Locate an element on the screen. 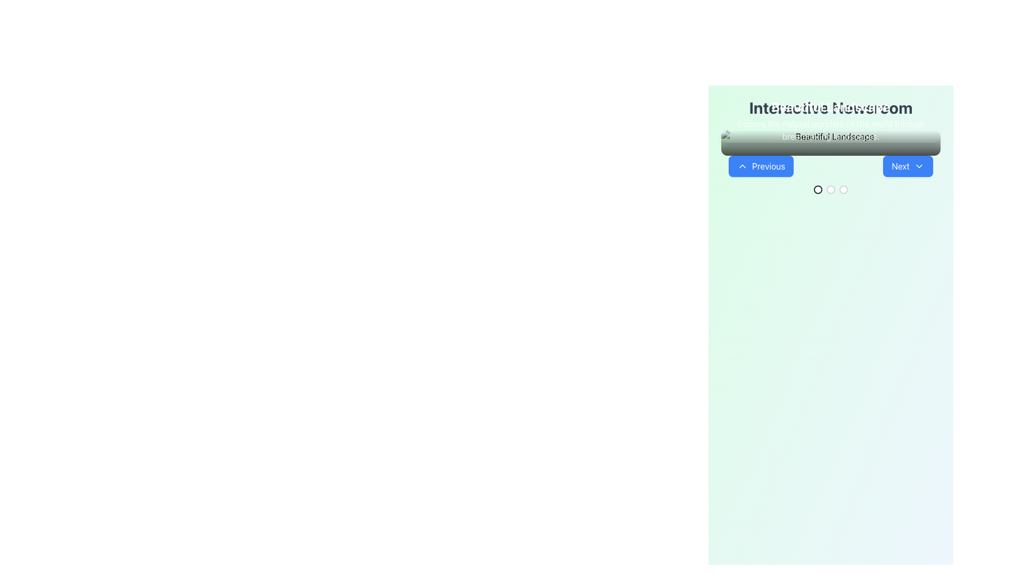  the chevron-up icon with white lines on a blue background, located to the left of the 'Previous' button is located at coordinates (742, 166).